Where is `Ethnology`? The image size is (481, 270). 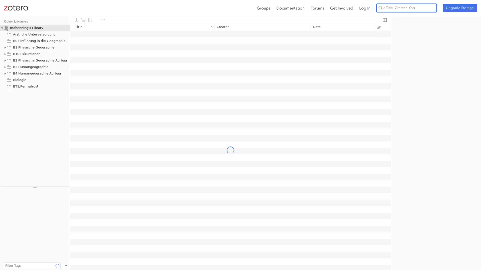
Ethnology is located at coordinates (50, 231).